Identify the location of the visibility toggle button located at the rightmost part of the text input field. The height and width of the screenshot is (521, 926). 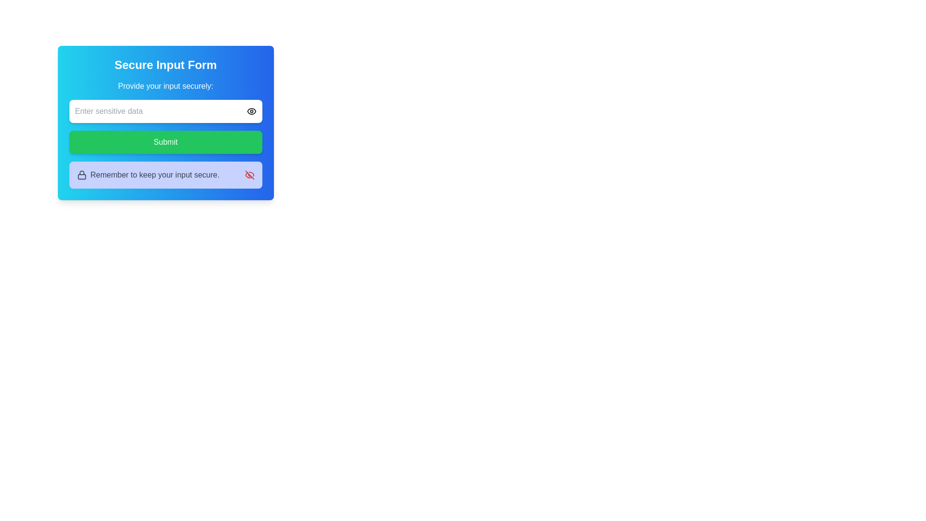
(251, 111).